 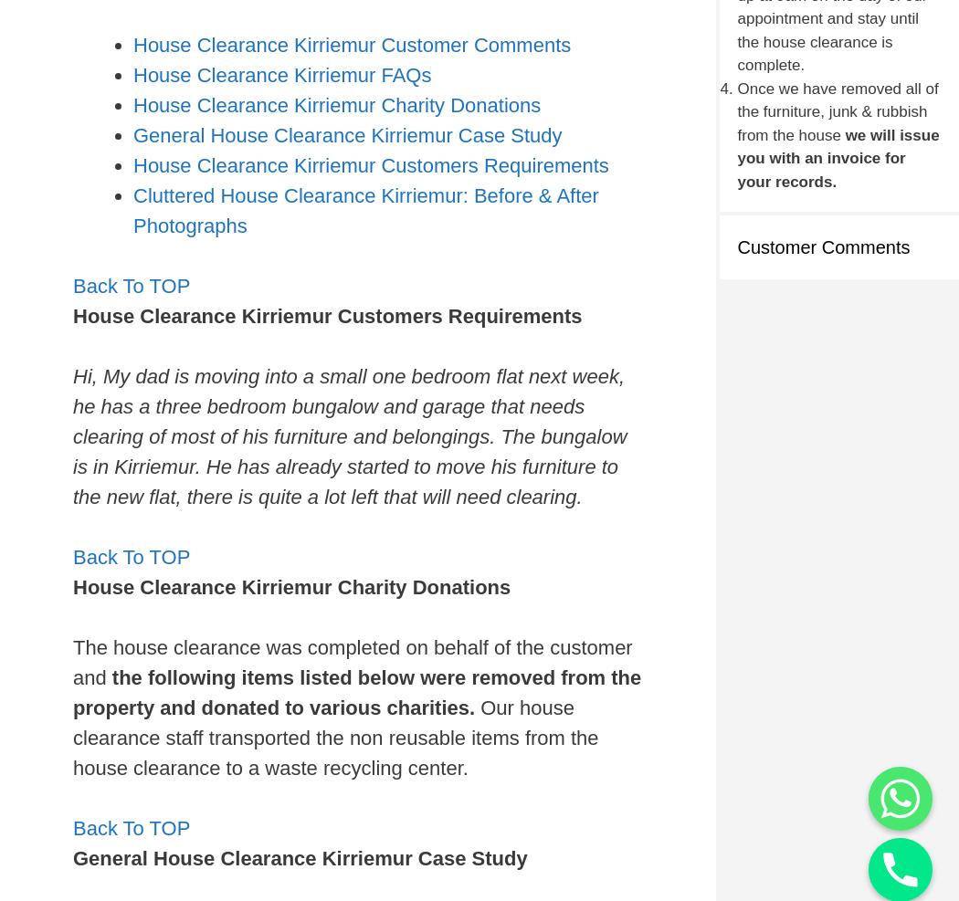 What do you see at coordinates (780, 699) in the screenshot?
I see `'Click The Green Arrow Button To Call Us On WhatsApp Or Type Your Message Here.'` at bounding box center [780, 699].